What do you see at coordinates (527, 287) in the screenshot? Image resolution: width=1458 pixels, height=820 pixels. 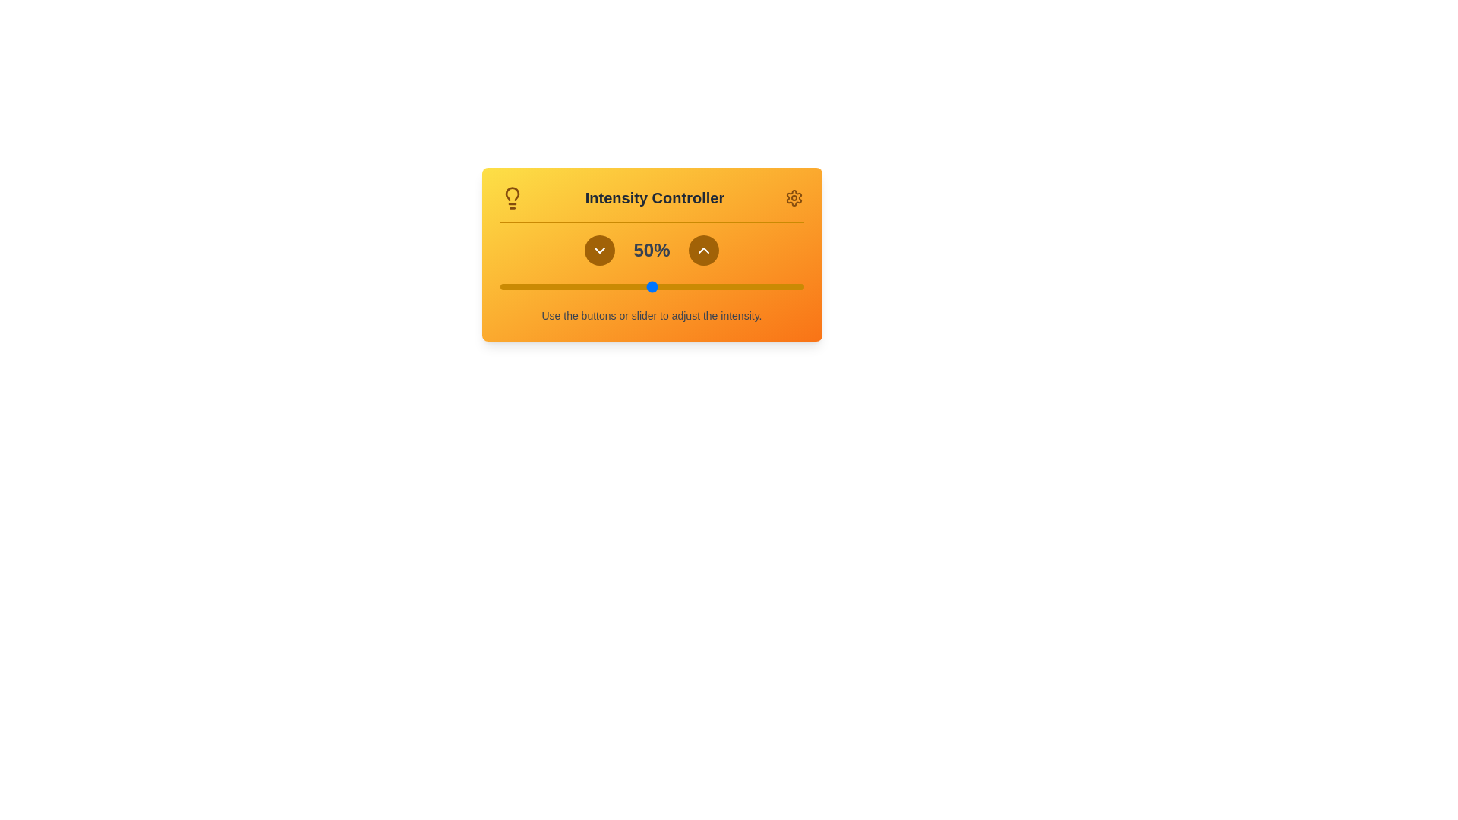 I see `the intensity` at bounding box center [527, 287].